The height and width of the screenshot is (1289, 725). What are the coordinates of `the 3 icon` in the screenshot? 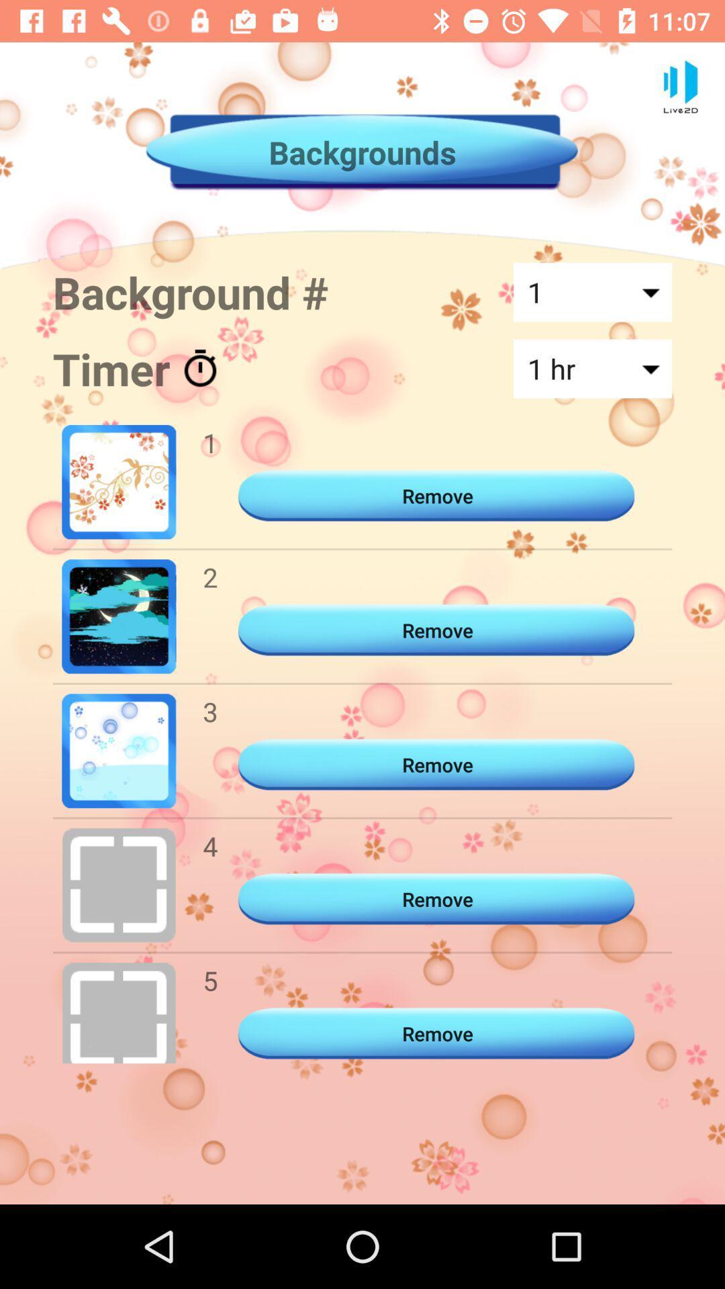 It's located at (210, 711).